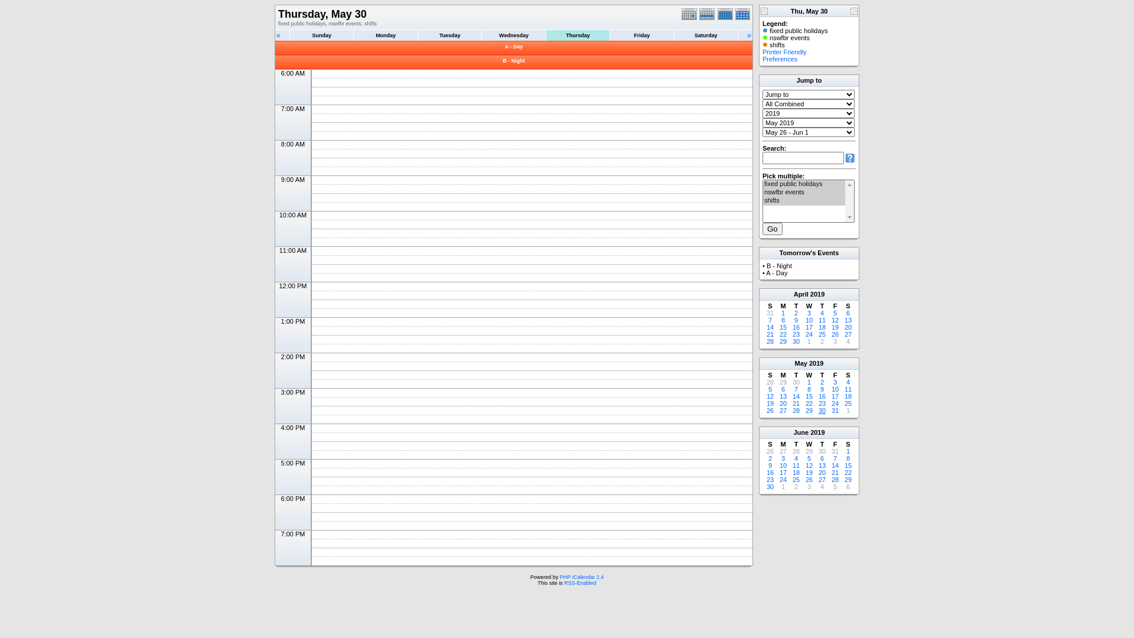 The image size is (1134, 638). Describe the element at coordinates (822, 312) in the screenshot. I see `'4'` at that location.